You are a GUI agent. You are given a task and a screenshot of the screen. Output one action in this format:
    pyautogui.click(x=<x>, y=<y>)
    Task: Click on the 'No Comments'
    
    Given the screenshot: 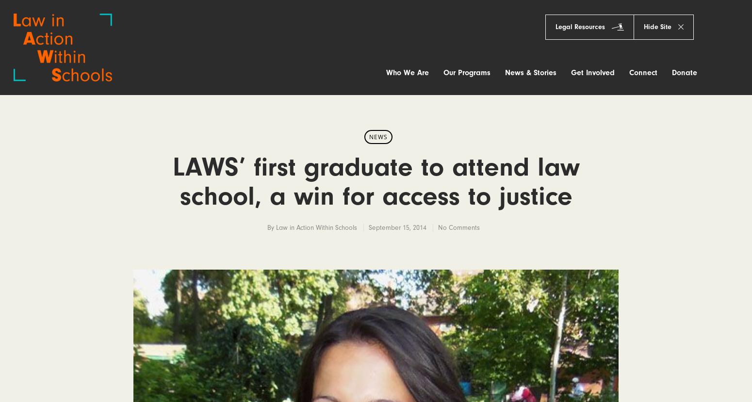 What is the action you would take?
    pyautogui.click(x=458, y=227)
    